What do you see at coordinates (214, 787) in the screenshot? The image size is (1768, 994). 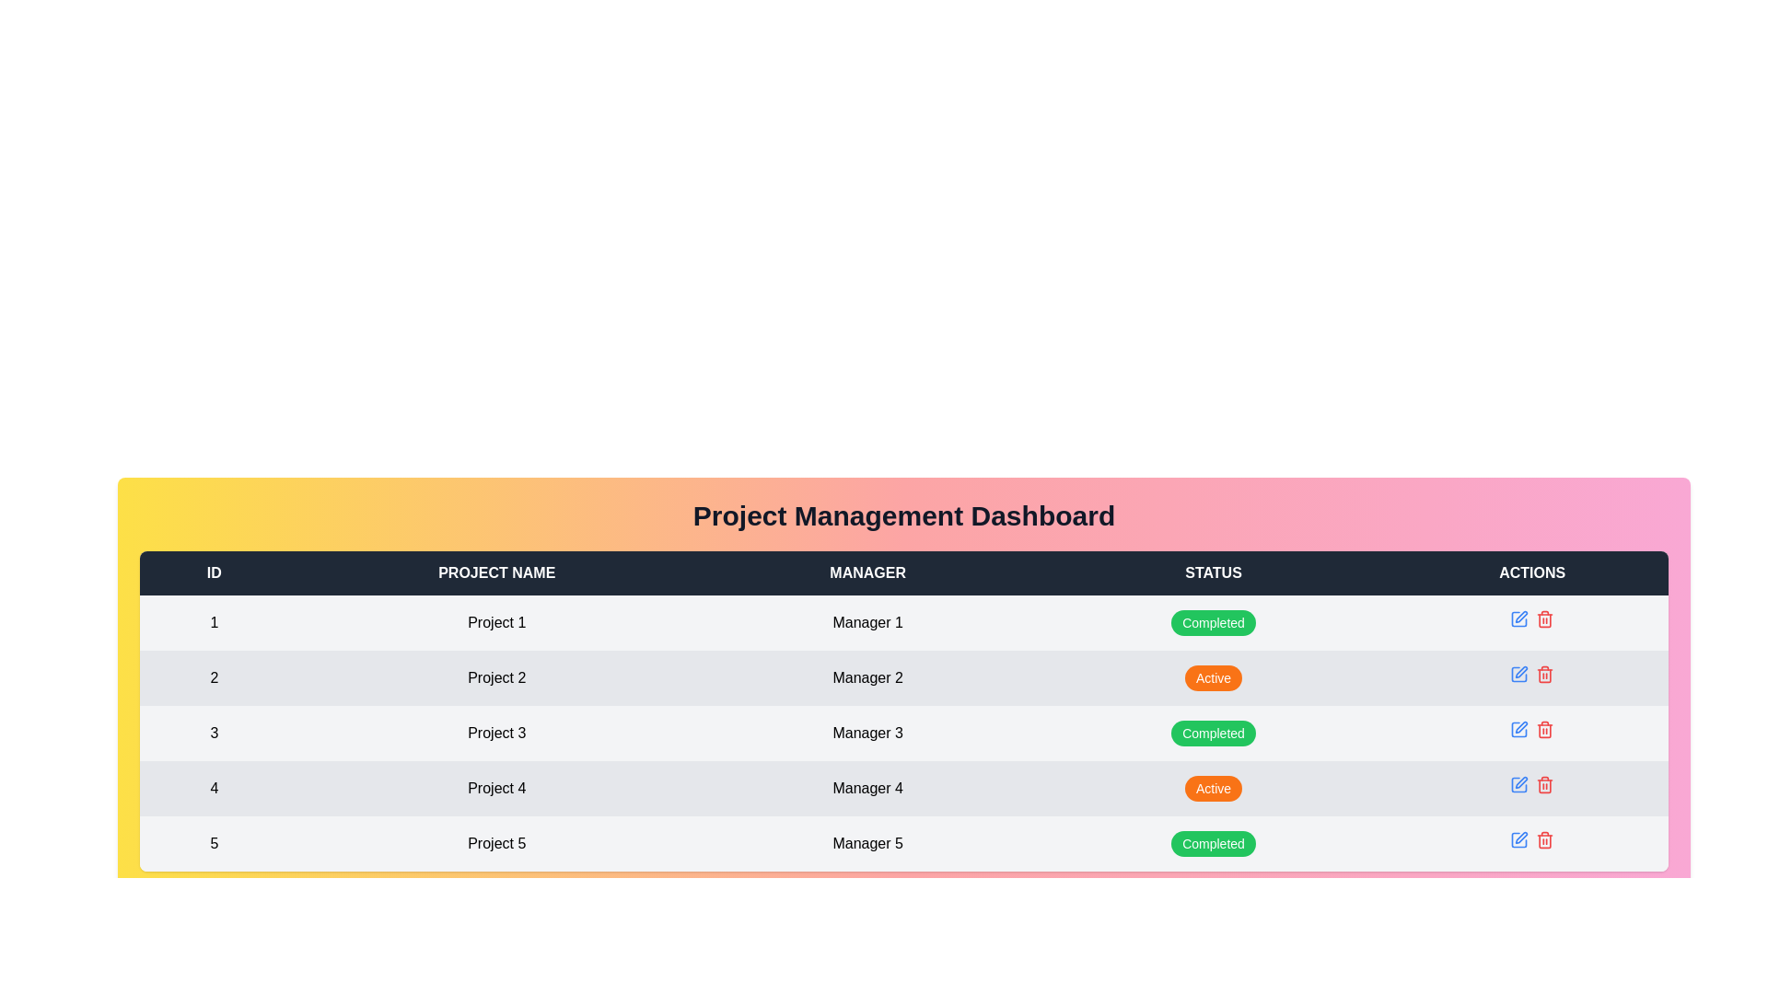 I see `the Text label that signifies the identification number associated with a project in the fourth row of the table under the 'ID' column` at bounding box center [214, 787].